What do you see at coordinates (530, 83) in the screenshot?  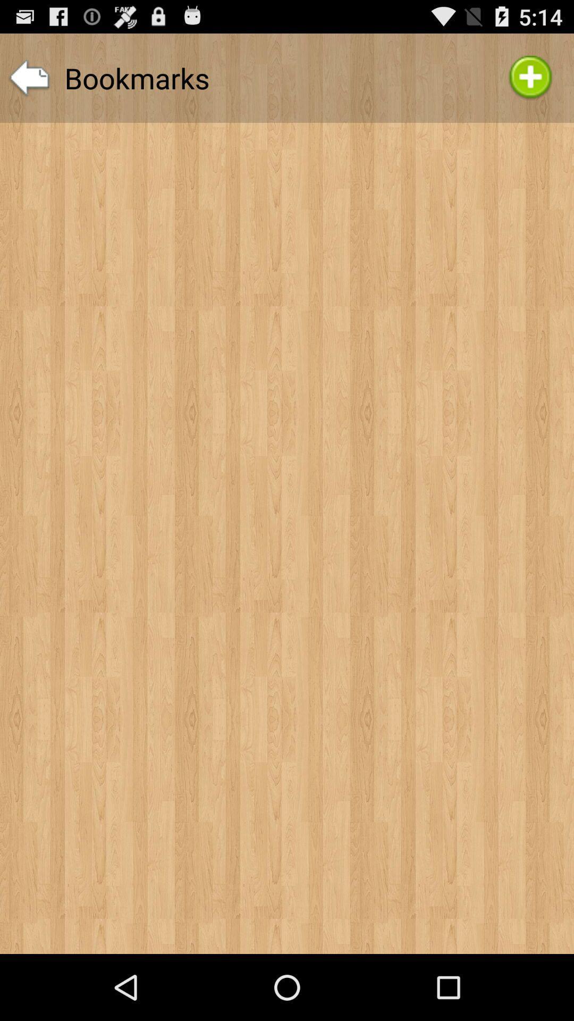 I see `the add icon` at bounding box center [530, 83].